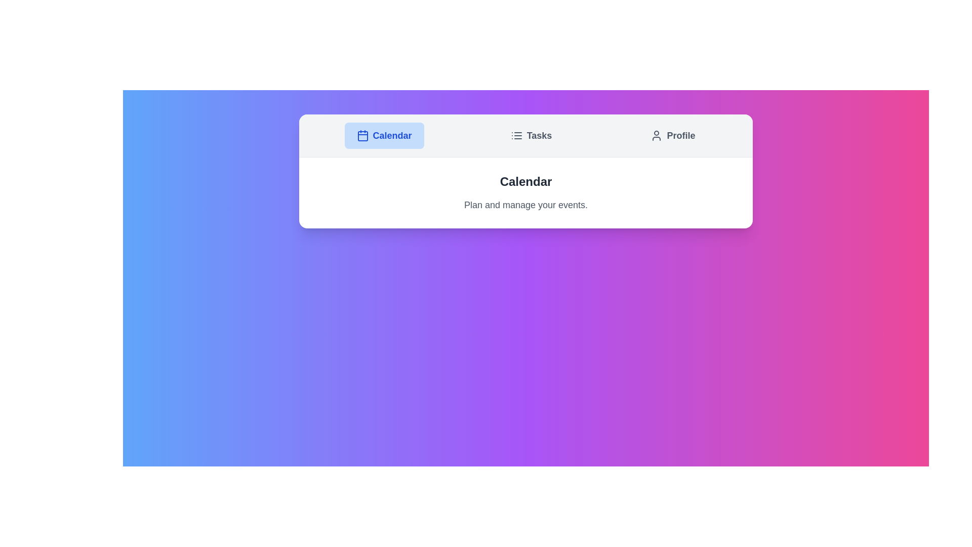  I want to click on the tab labeled Tasks to view its content, so click(531, 135).